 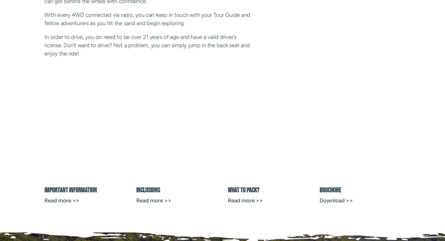 I want to click on 'What to pack?', so click(x=243, y=190).